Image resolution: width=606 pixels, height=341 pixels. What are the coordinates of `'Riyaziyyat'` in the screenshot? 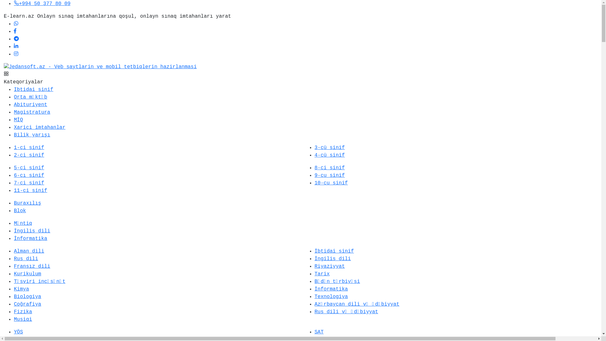 It's located at (329, 266).